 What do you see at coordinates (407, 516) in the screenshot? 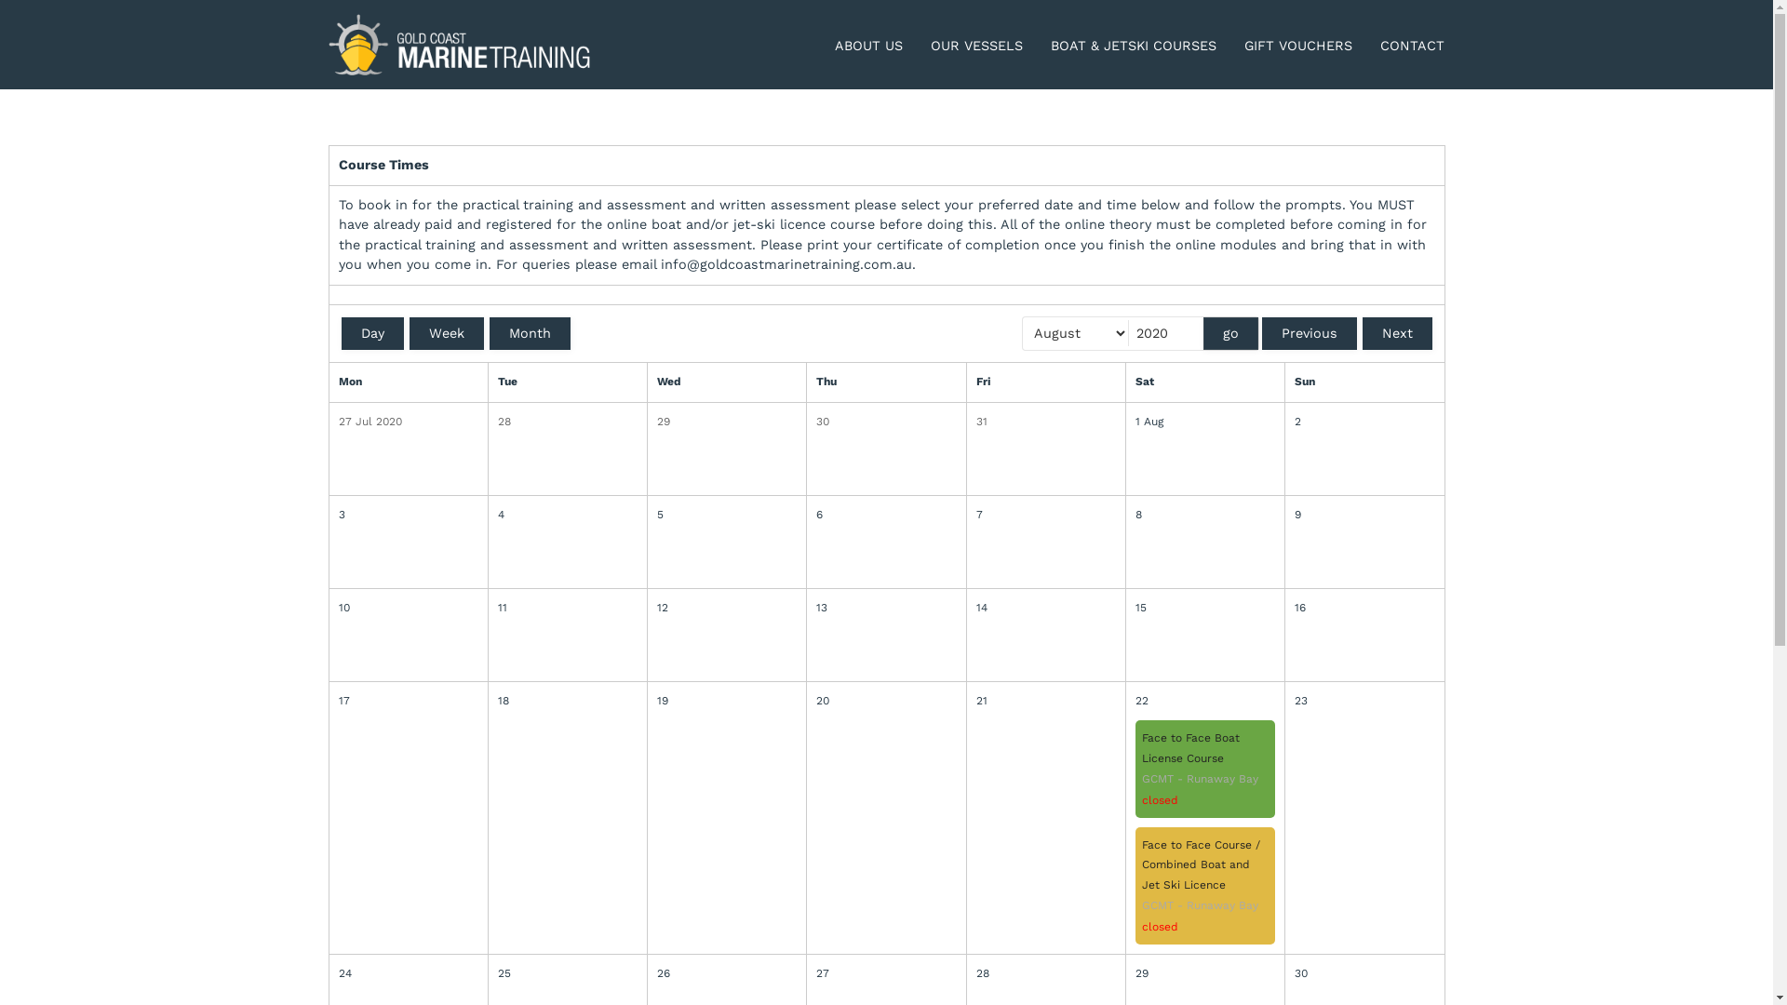
I see `'3'` at bounding box center [407, 516].